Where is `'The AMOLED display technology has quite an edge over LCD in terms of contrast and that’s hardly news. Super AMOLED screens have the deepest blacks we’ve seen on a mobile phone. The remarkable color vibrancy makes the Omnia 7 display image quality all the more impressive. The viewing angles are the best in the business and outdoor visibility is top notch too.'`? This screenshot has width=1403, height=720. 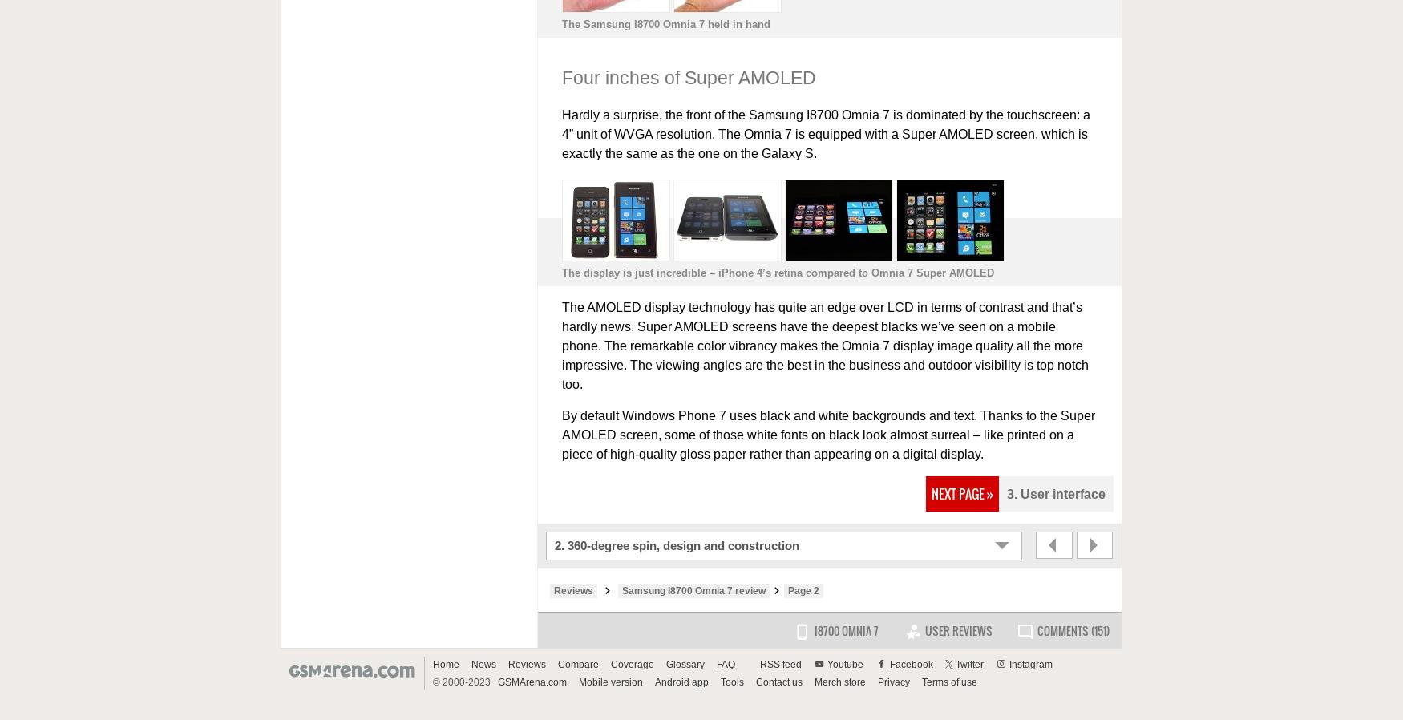 'The AMOLED display technology has quite an edge over LCD in terms of contrast and that’s hardly news. Super AMOLED screens have the deepest blacks we’ve seen on a mobile phone. The remarkable color vibrancy makes the Omnia 7 display image quality all the more impressive. The viewing angles are the best in the business and outdoor visibility is top notch too.' is located at coordinates (823, 346).